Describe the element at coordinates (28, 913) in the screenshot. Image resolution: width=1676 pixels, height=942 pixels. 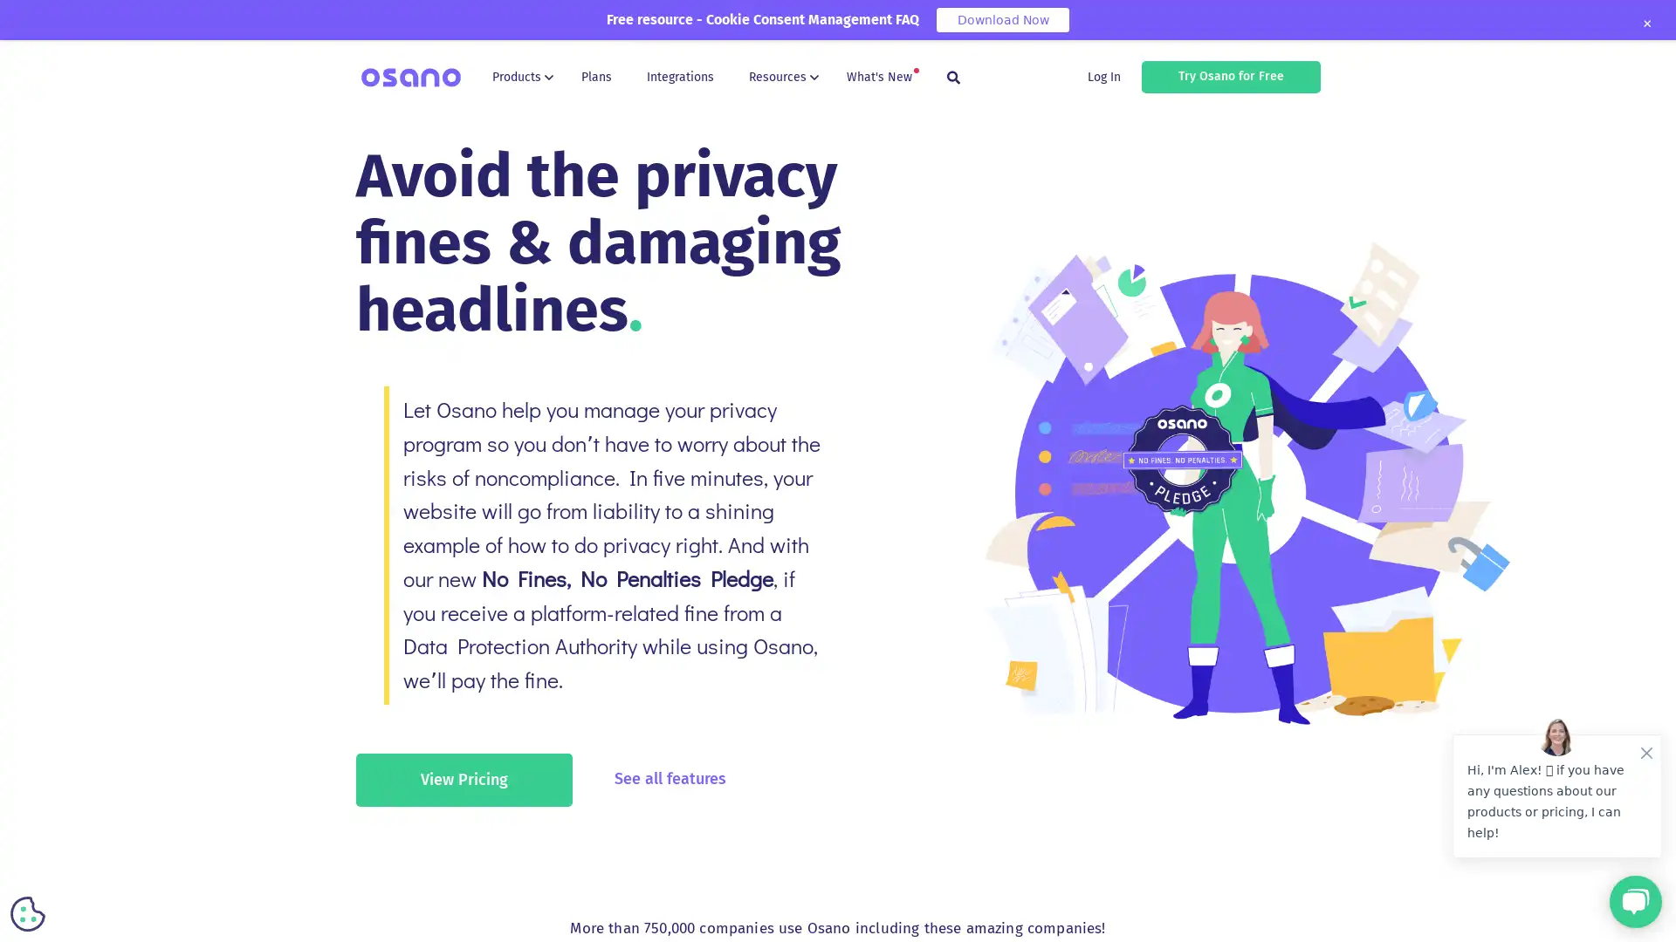
I see `Cookie Preferences` at that location.